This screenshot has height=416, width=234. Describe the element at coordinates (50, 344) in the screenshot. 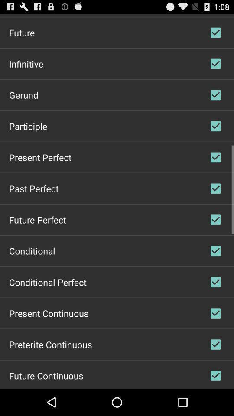

I see `the icon below the present continuous item` at that location.